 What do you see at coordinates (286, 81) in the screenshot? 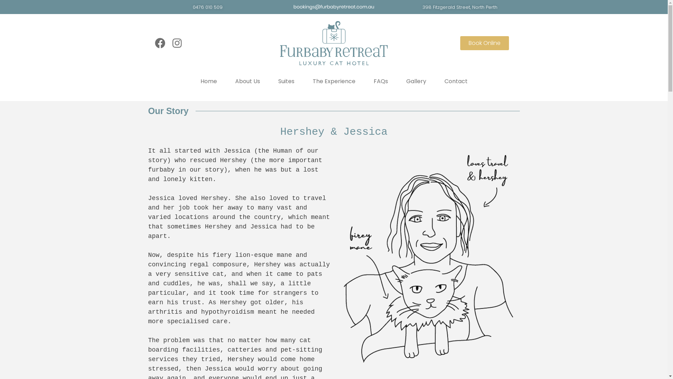
I see `'Suites'` at bounding box center [286, 81].